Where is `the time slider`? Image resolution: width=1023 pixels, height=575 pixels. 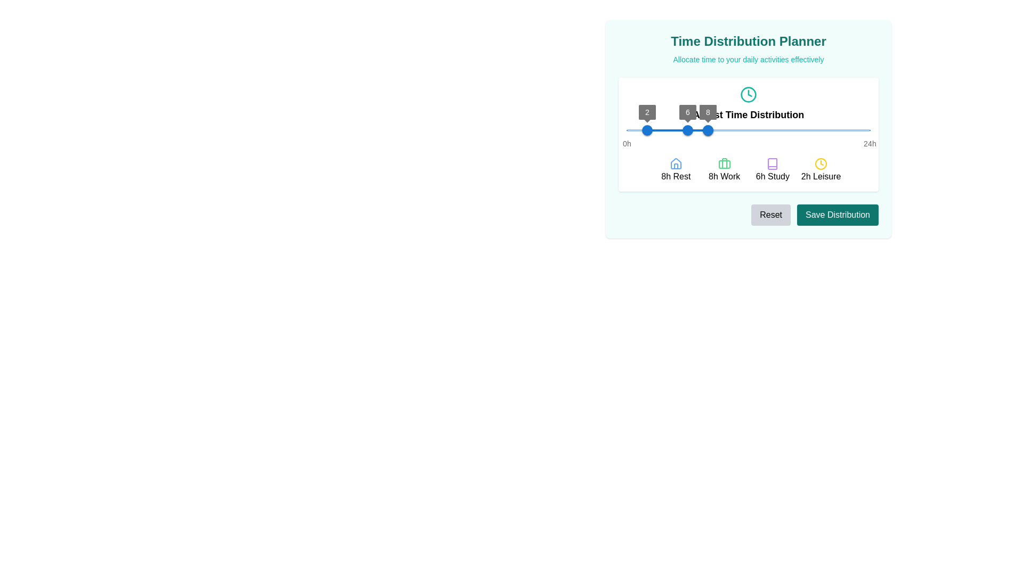
the time slider is located at coordinates (690, 130).